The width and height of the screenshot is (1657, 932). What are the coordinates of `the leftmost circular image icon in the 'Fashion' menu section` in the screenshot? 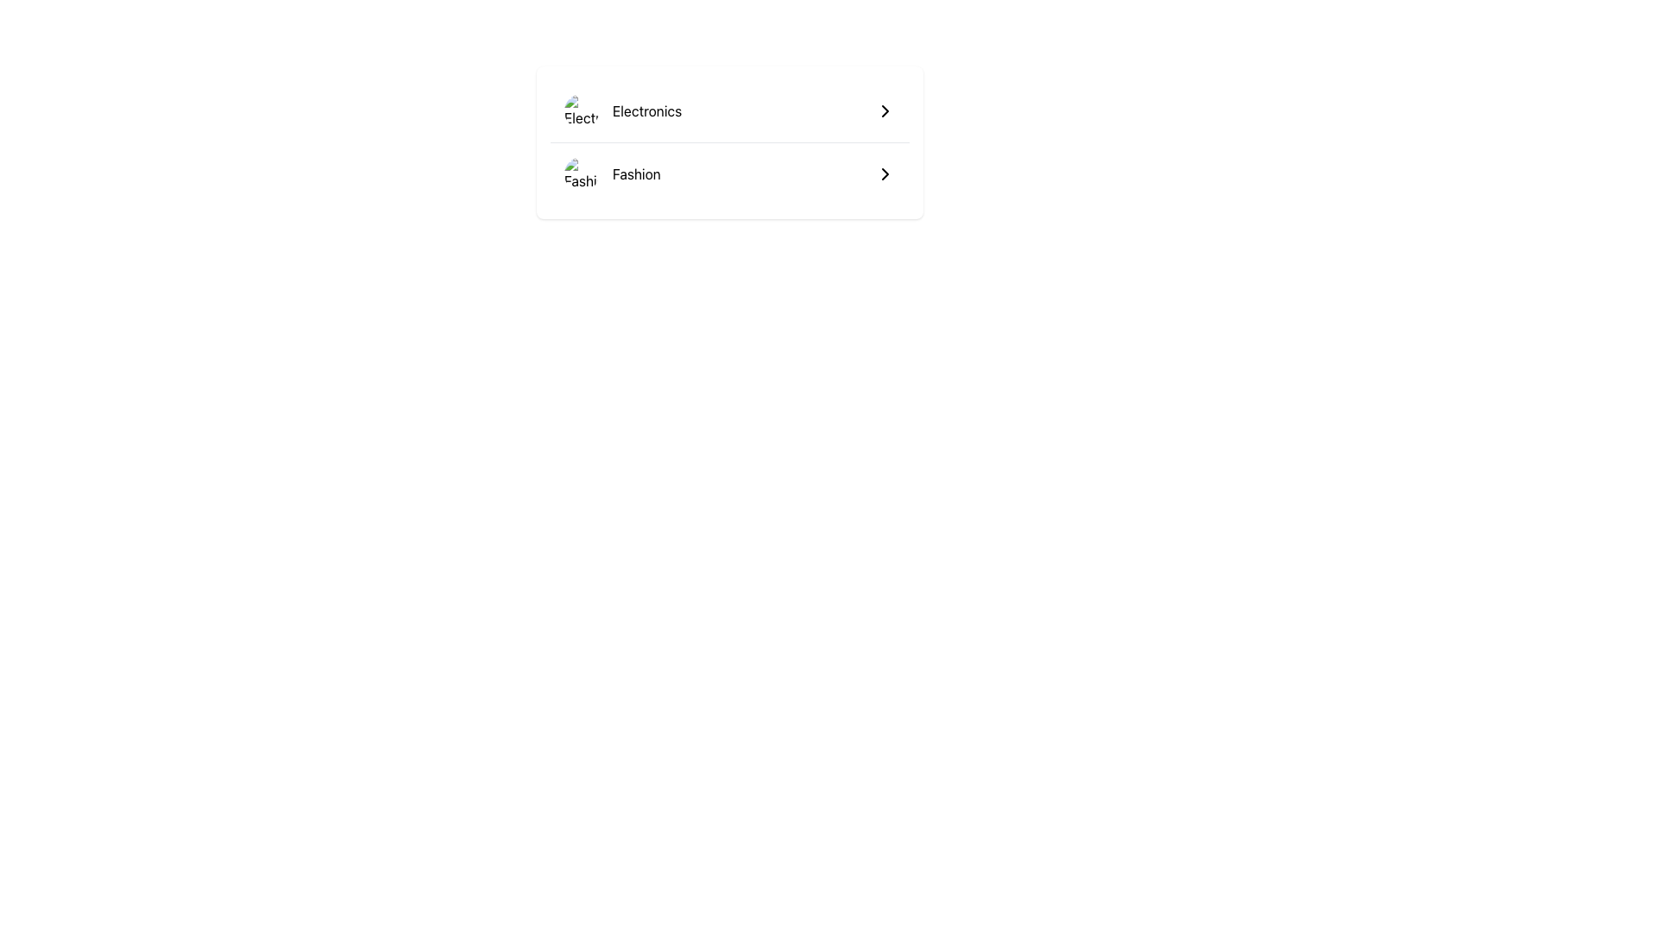 It's located at (581, 173).